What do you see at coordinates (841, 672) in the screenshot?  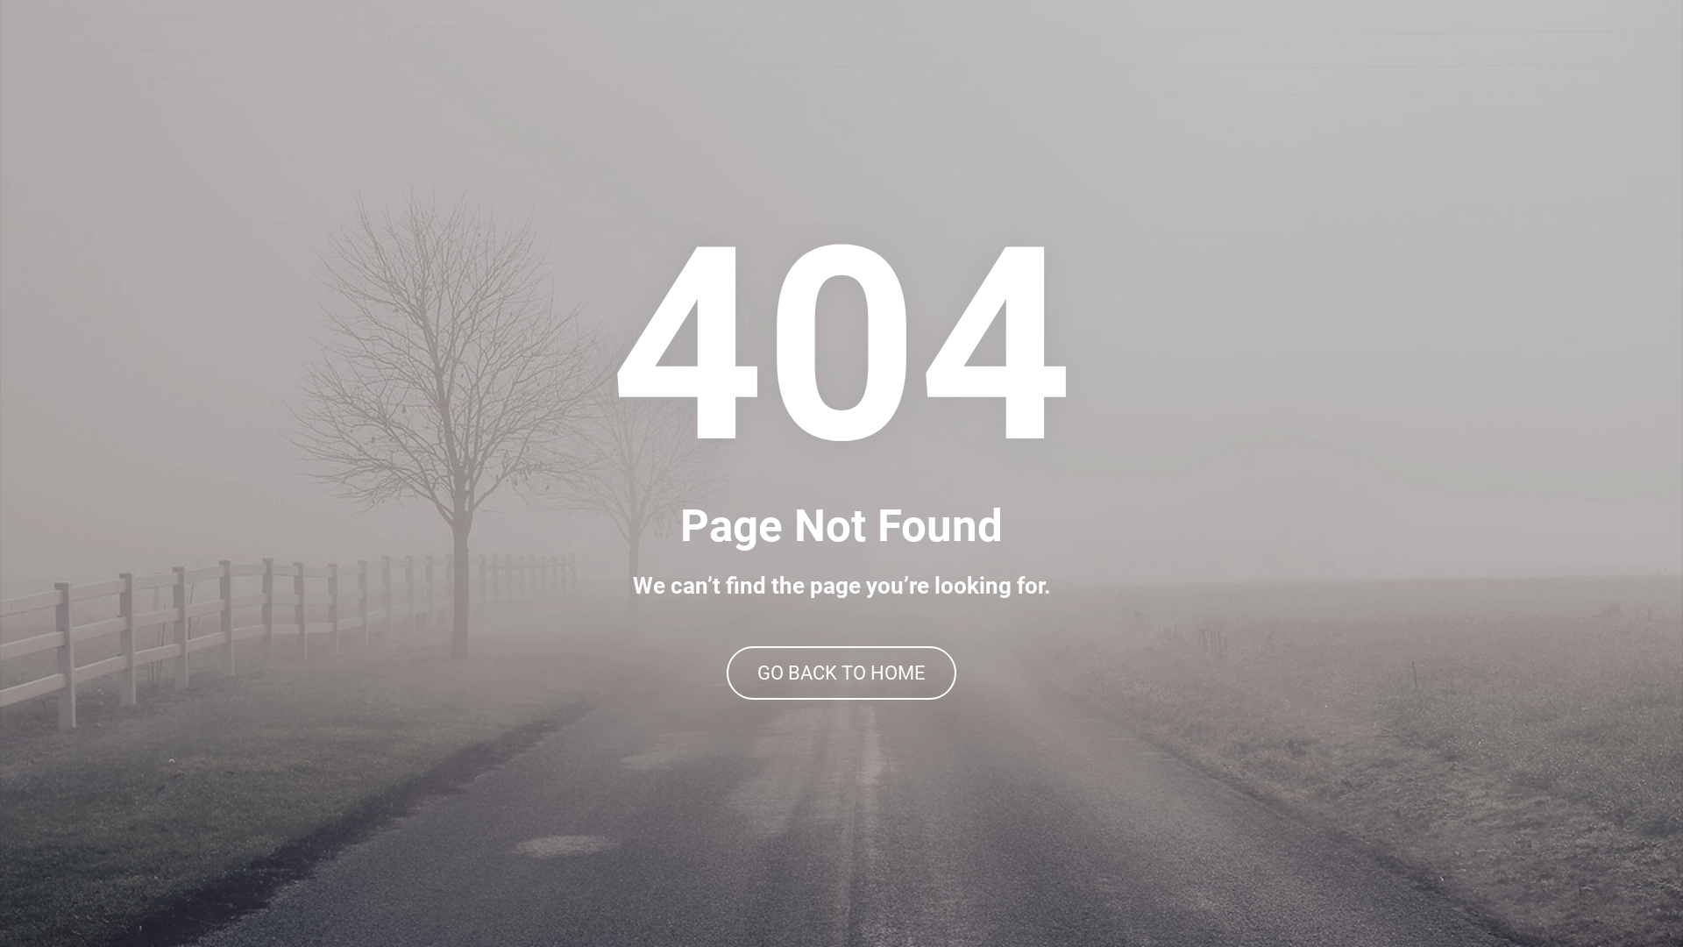 I see `'GO BACK TO HOME'` at bounding box center [841, 672].